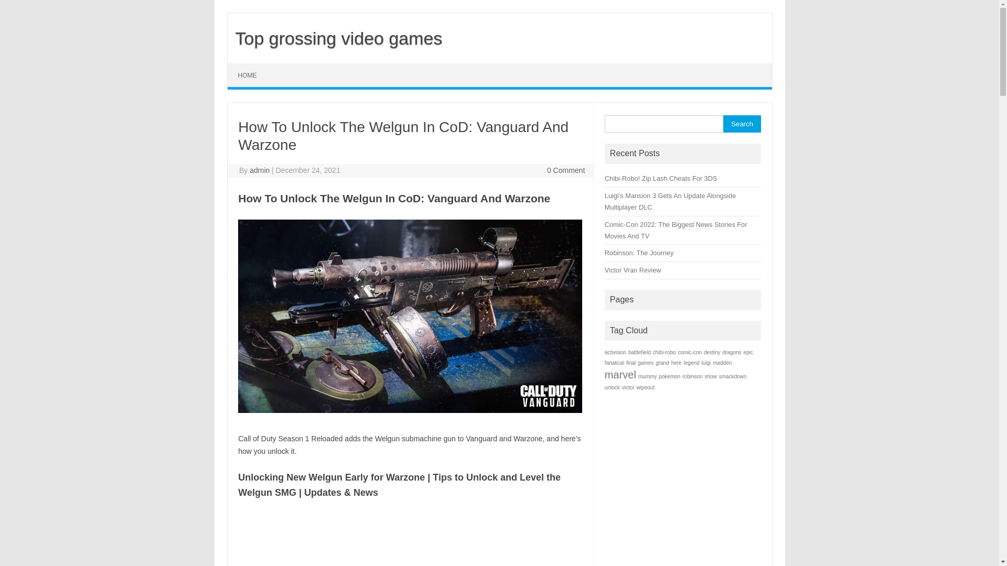  What do you see at coordinates (647, 376) in the screenshot?
I see `'mummy'` at bounding box center [647, 376].